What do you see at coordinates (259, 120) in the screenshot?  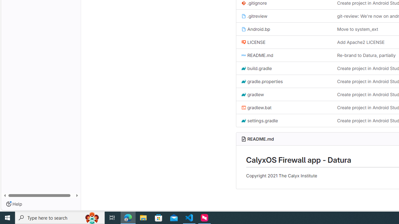 I see `'settings.gradle'` at bounding box center [259, 120].